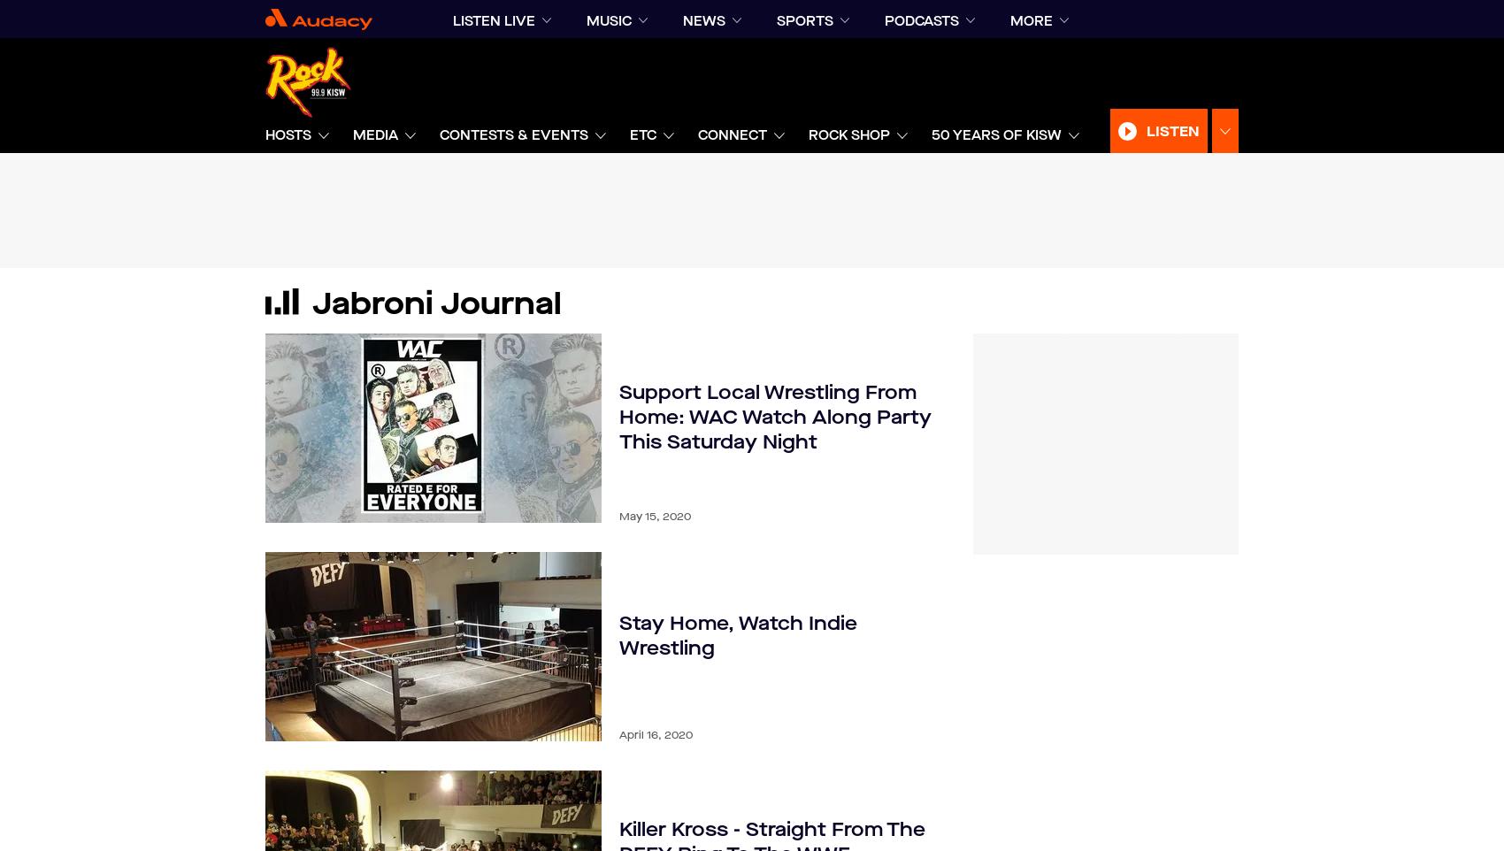 This screenshot has height=851, width=1504. What do you see at coordinates (513, 134) in the screenshot?
I see `'Contests & Events'` at bounding box center [513, 134].